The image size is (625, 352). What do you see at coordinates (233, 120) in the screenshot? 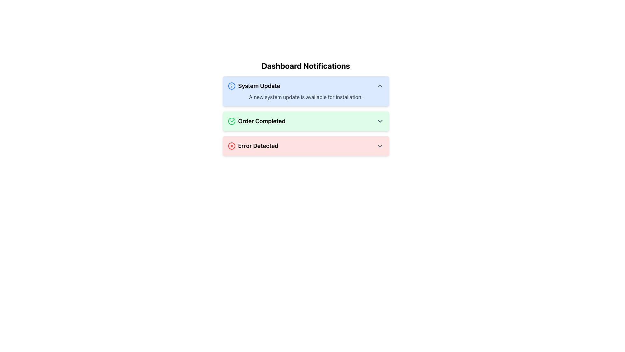
I see `the SVG icon indicating successful task completion located in the second notification card labeled 'Order Completed', which is centrally positioned in the green-tinted area to the left of the text` at bounding box center [233, 120].